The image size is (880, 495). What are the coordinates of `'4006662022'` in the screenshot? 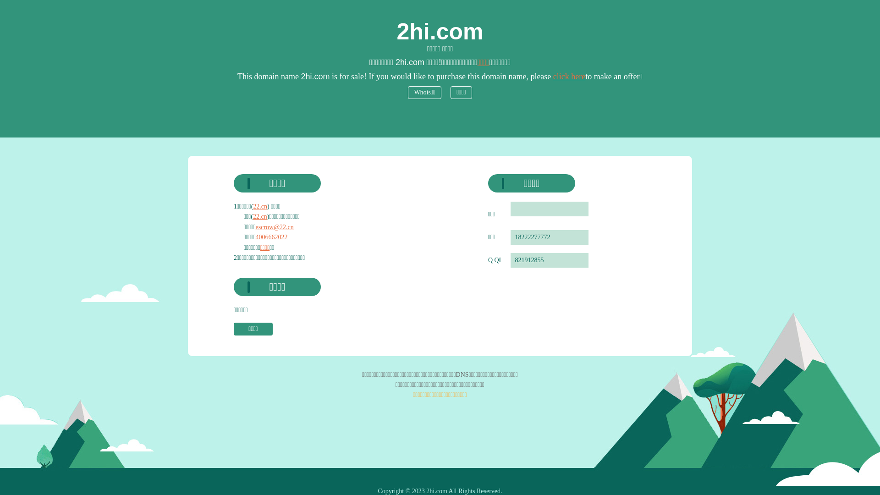 It's located at (271, 236).